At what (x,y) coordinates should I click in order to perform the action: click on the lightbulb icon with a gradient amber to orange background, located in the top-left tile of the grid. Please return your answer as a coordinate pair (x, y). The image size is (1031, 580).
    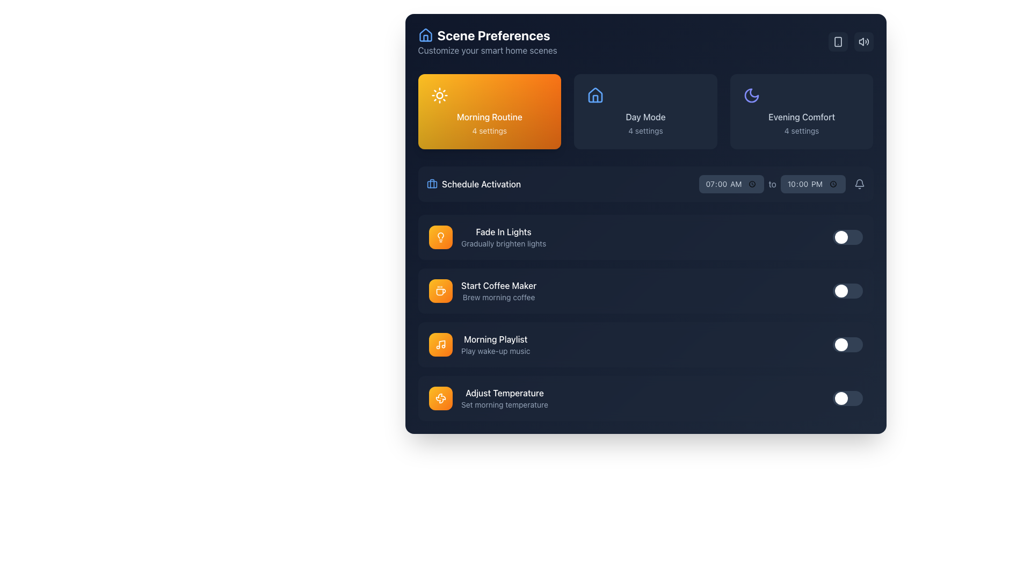
    Looking at the image, I should click on (440, 237).